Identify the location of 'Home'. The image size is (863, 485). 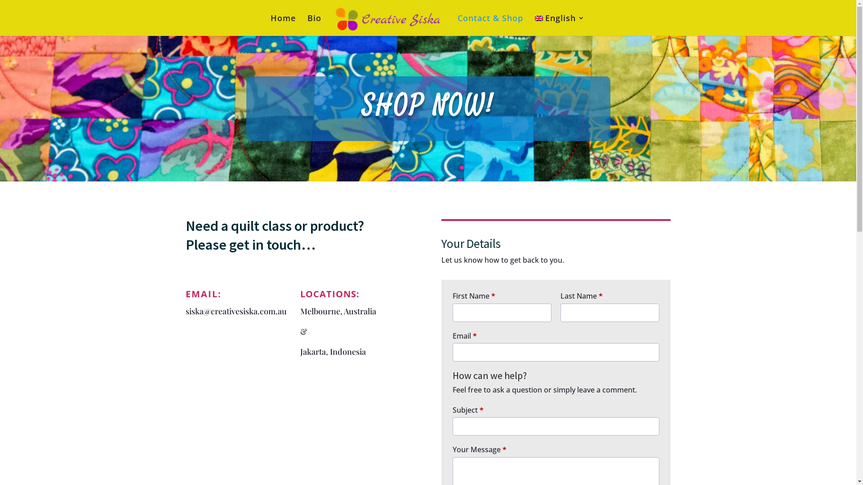
(282, 25).